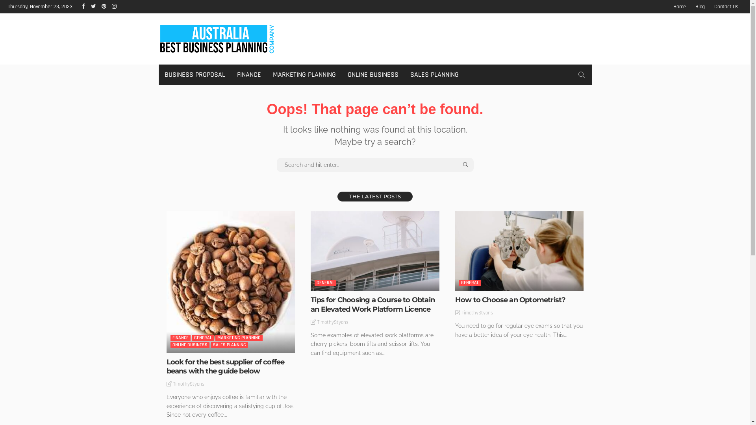 This screenshot has width=756, height=425. What do you see at coordinates (581, 74) in the screenshot?
I see `'search'` at bounding box center [581, 74].